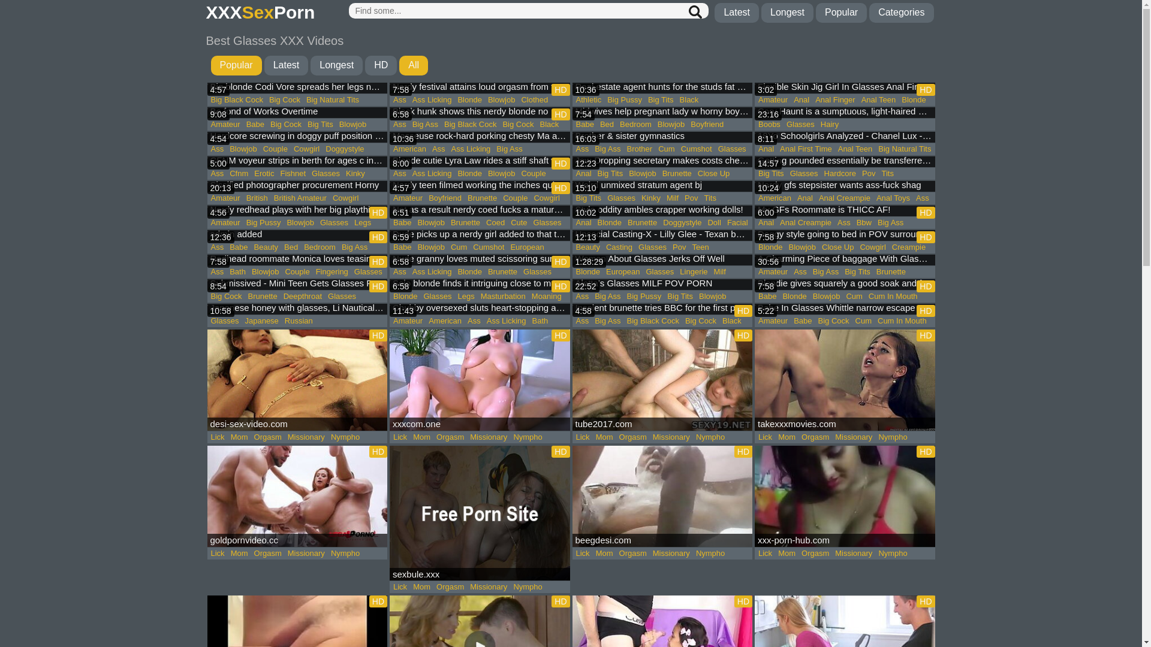 The image size is (1151, 647). I want to click on 'Doll', so click(713, 222).